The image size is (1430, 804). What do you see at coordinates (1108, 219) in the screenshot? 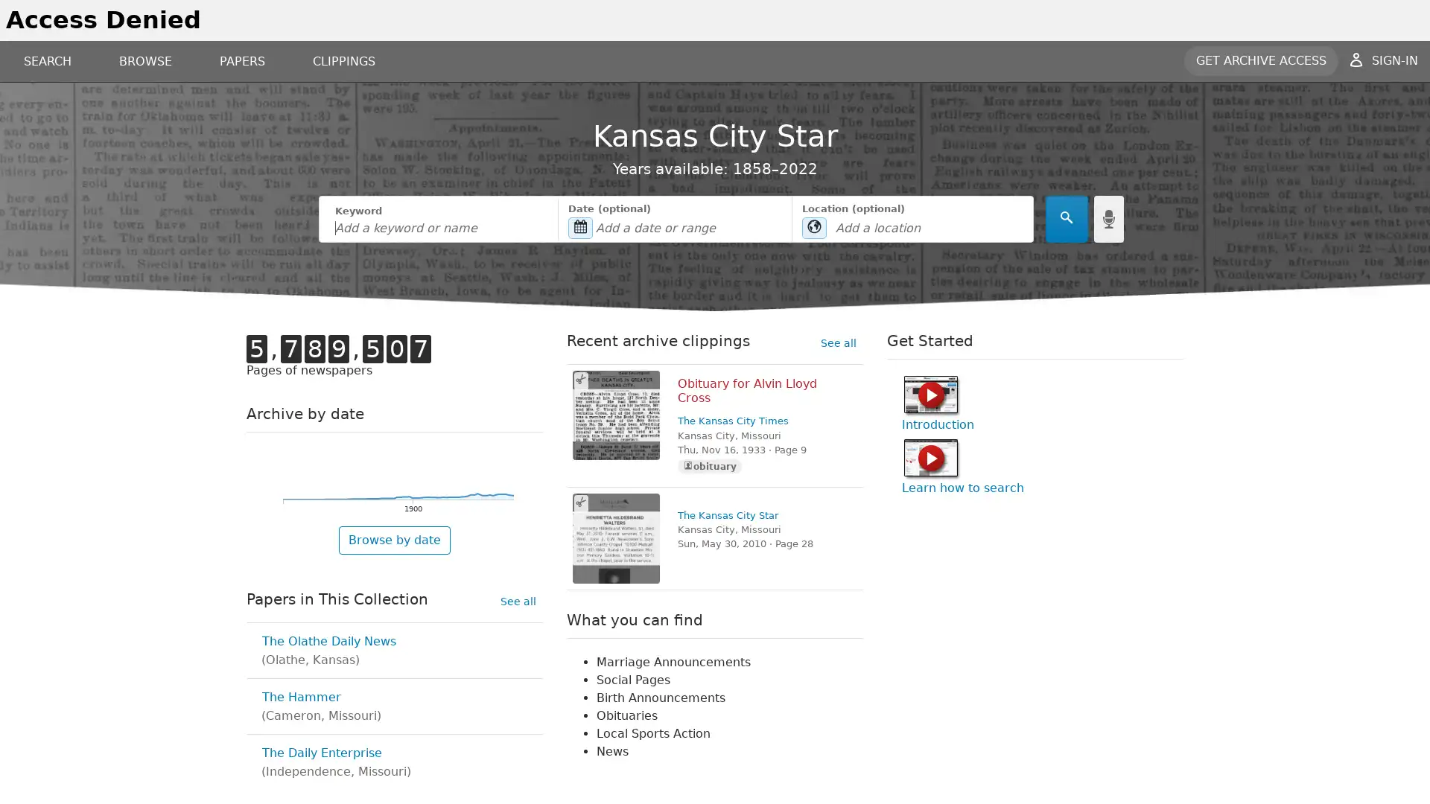
I see `Voice Search` at bounding box center [1108, 219].